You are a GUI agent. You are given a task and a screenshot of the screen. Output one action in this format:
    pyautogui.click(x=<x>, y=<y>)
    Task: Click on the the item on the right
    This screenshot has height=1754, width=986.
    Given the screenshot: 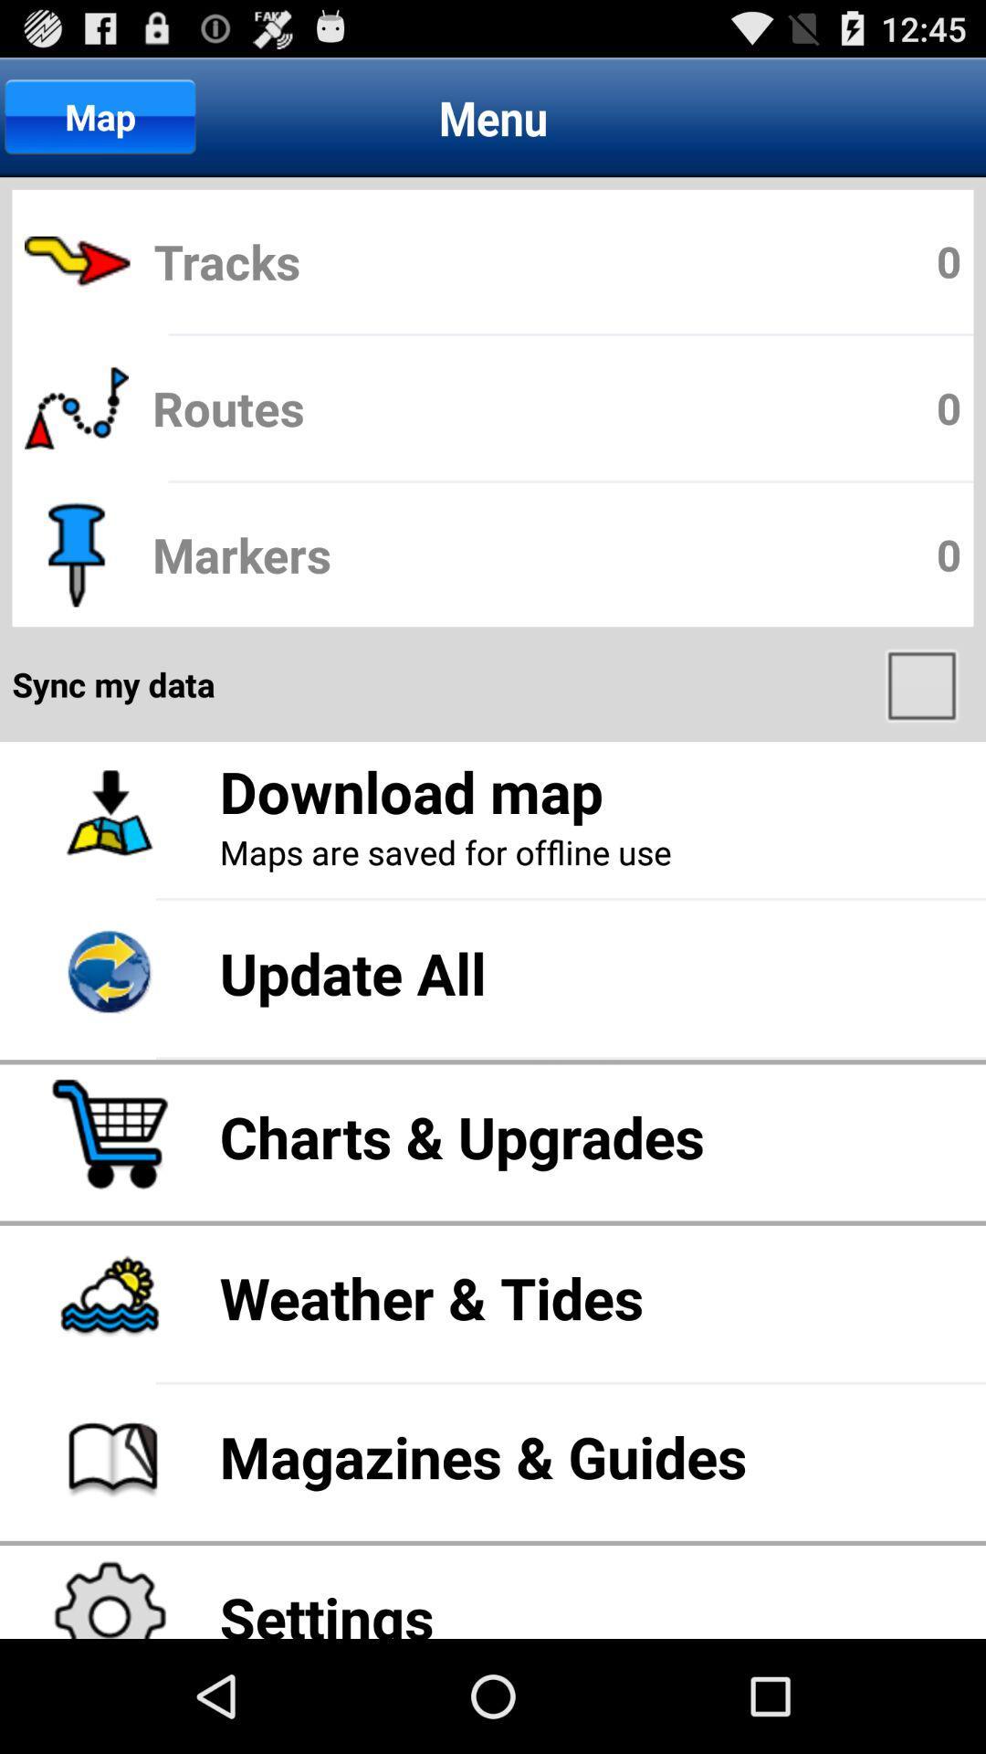 What is the action you would take?
    pyautogui.click(x=924, y=683)
    